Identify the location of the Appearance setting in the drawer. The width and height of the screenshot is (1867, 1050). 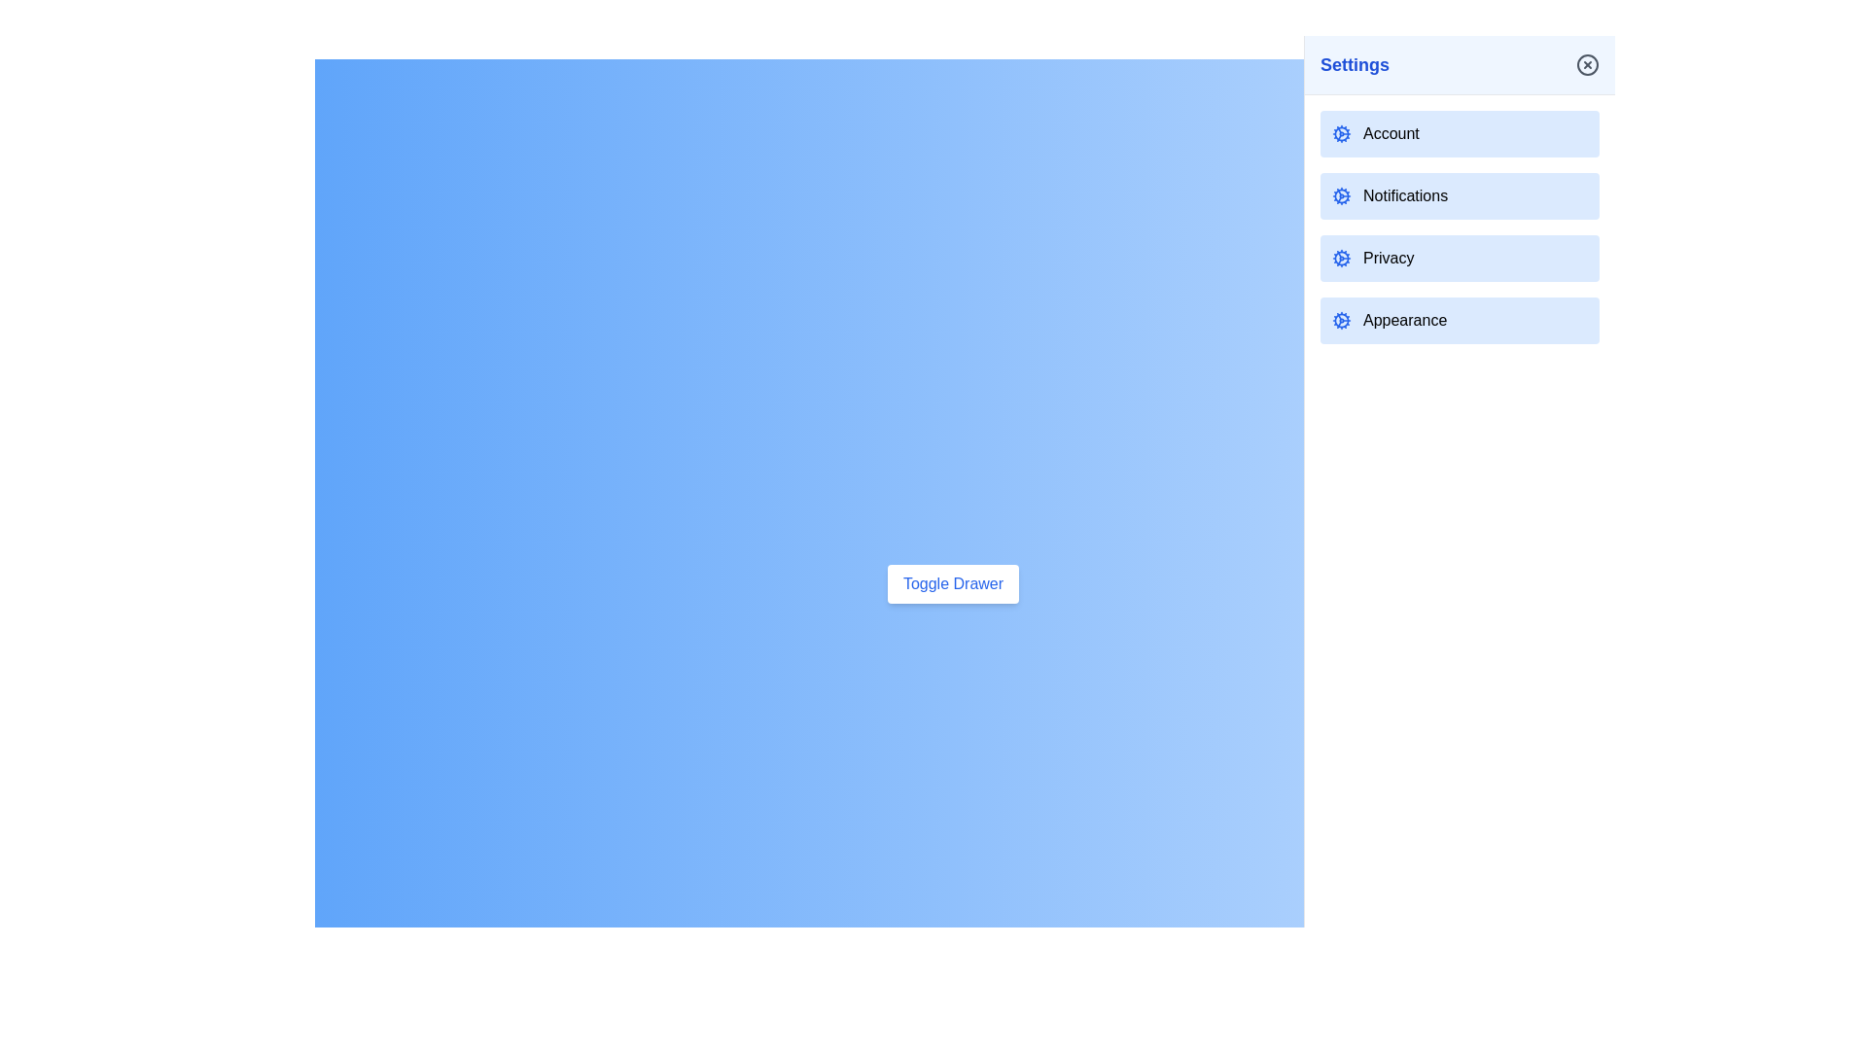
(1460, 320).